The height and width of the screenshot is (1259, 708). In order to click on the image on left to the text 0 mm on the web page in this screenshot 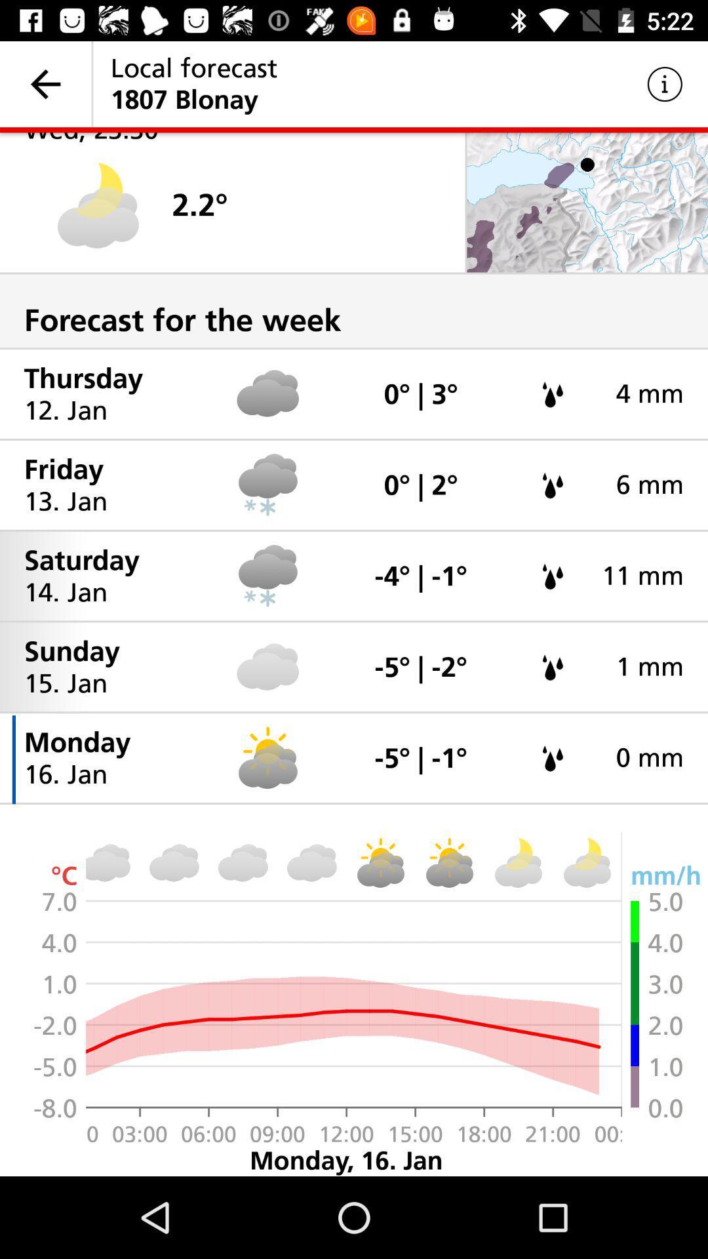, I will do `click(553, 758)`.